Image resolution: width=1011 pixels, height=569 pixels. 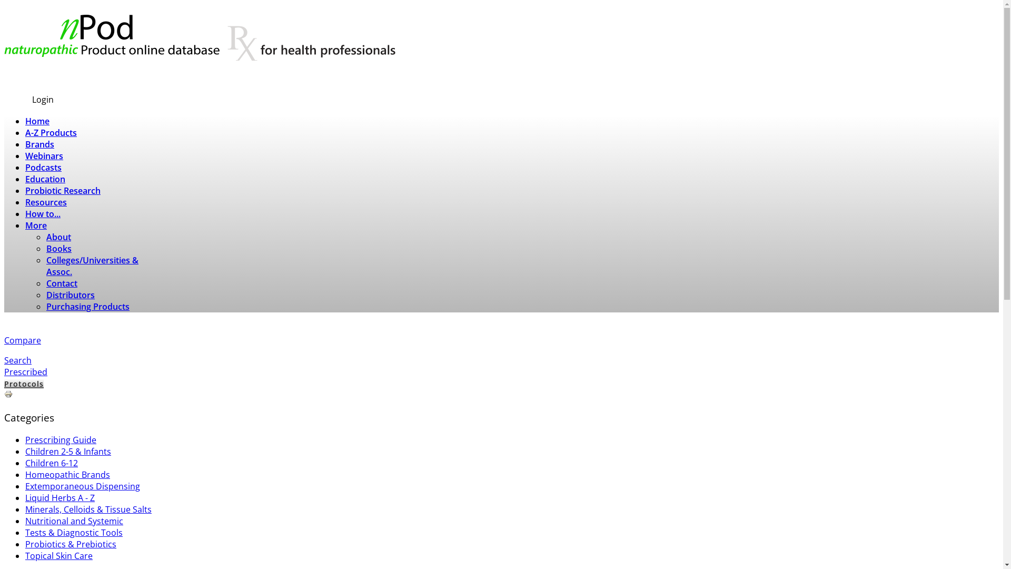 I want to click on 'Resources', so click(x=45, y=202).